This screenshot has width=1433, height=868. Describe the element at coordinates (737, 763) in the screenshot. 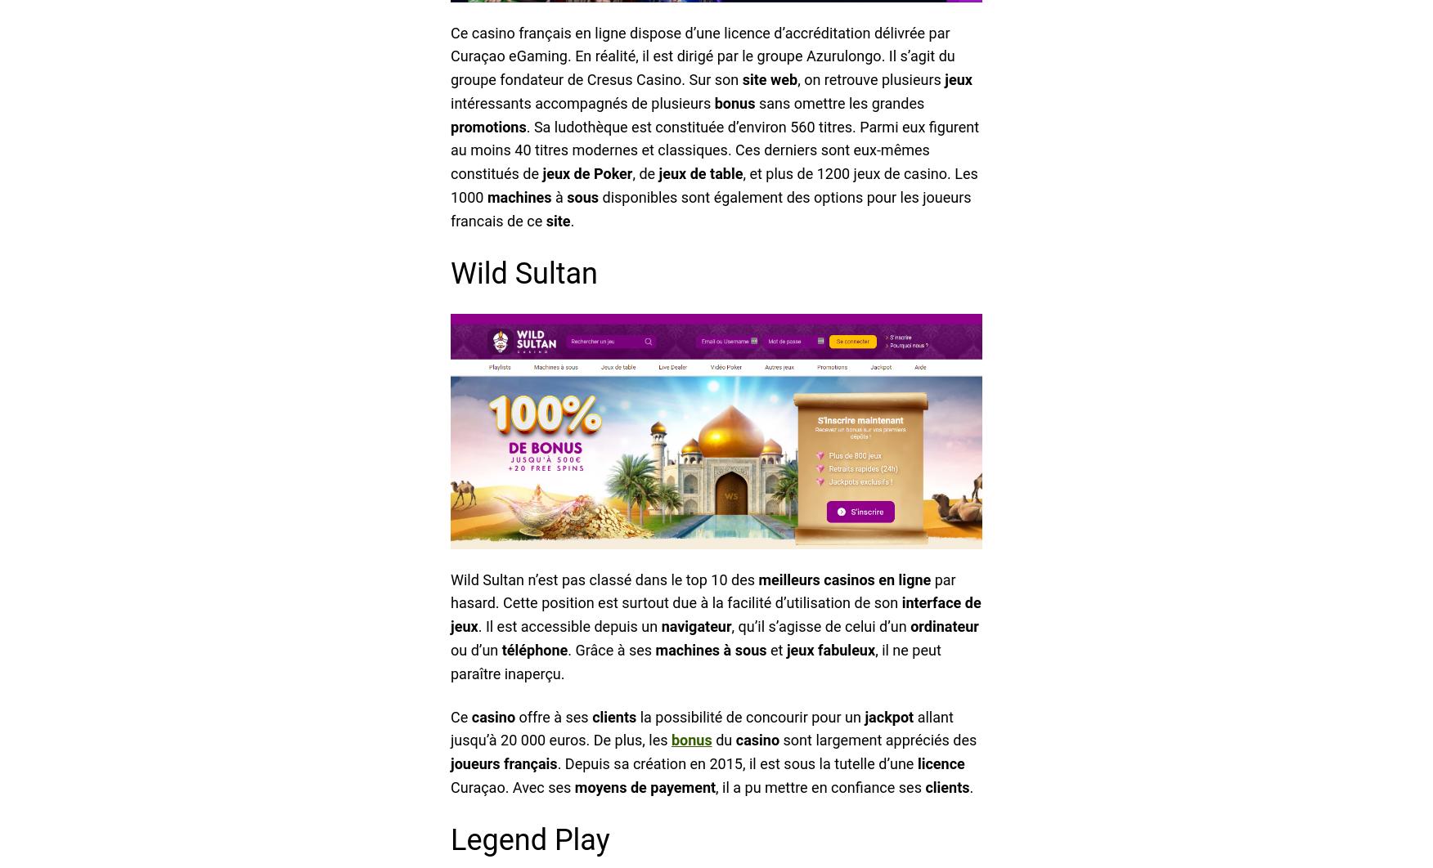

I see `'. Depuis sa création en 2015, il est sous la tutelle d’une'` at that location.